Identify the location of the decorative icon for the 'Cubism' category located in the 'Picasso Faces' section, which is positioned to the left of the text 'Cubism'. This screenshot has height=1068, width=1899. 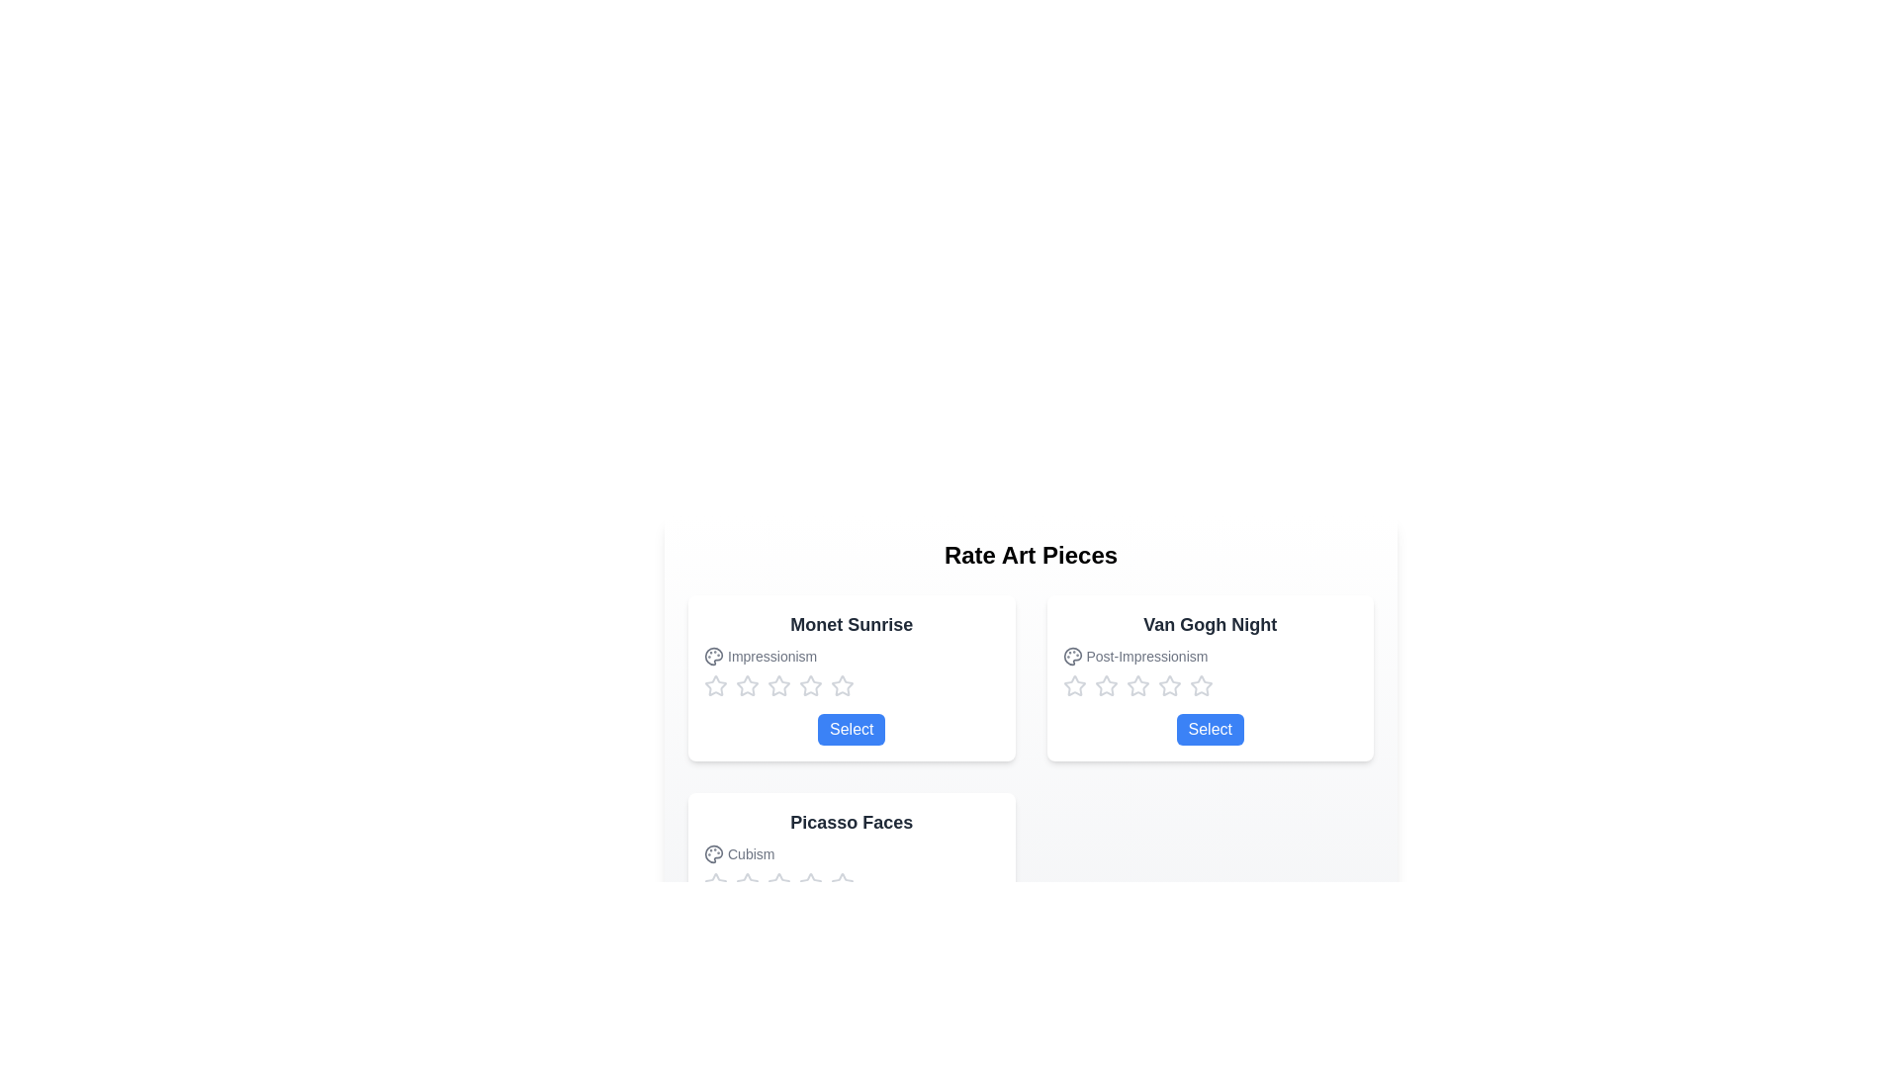
(712, 853).